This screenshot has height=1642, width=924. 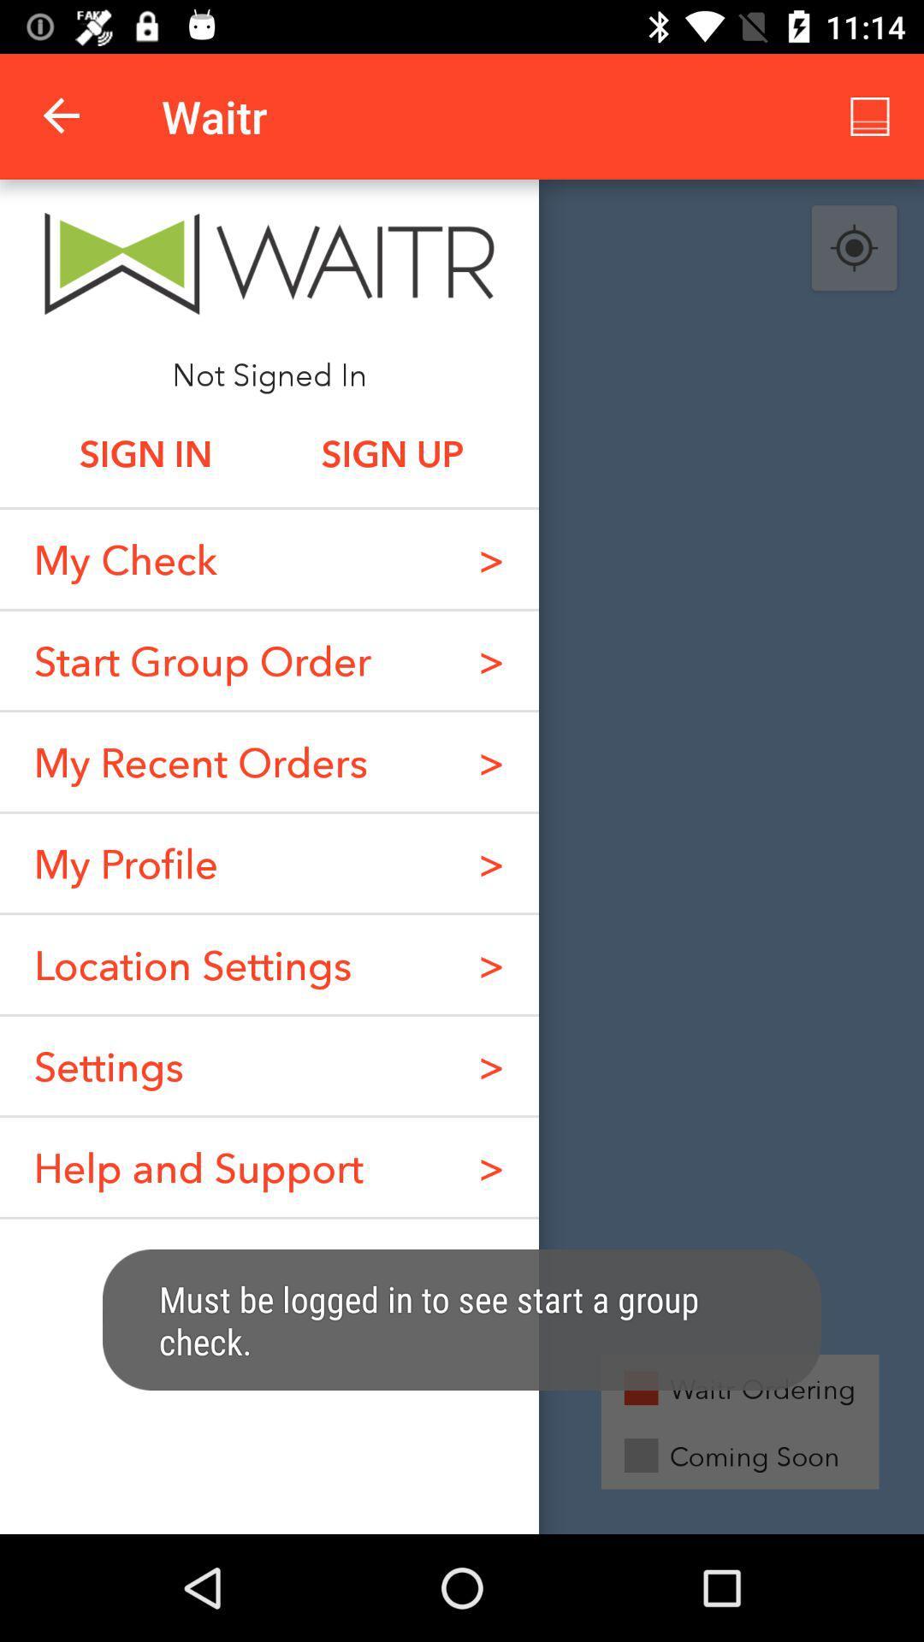 I want to click on the location_crosshair icon, so click(x=854, y=248).